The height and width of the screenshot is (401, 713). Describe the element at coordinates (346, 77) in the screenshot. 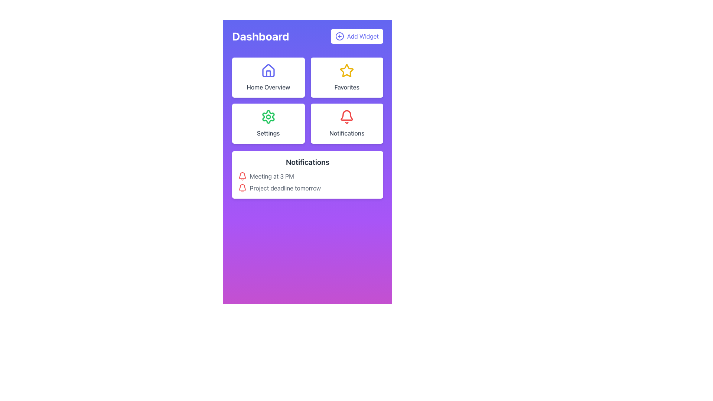

I see `the Dashboard card featuring a yellow star icon and 'Favorites' text, located in the second position of the top row` at that location.